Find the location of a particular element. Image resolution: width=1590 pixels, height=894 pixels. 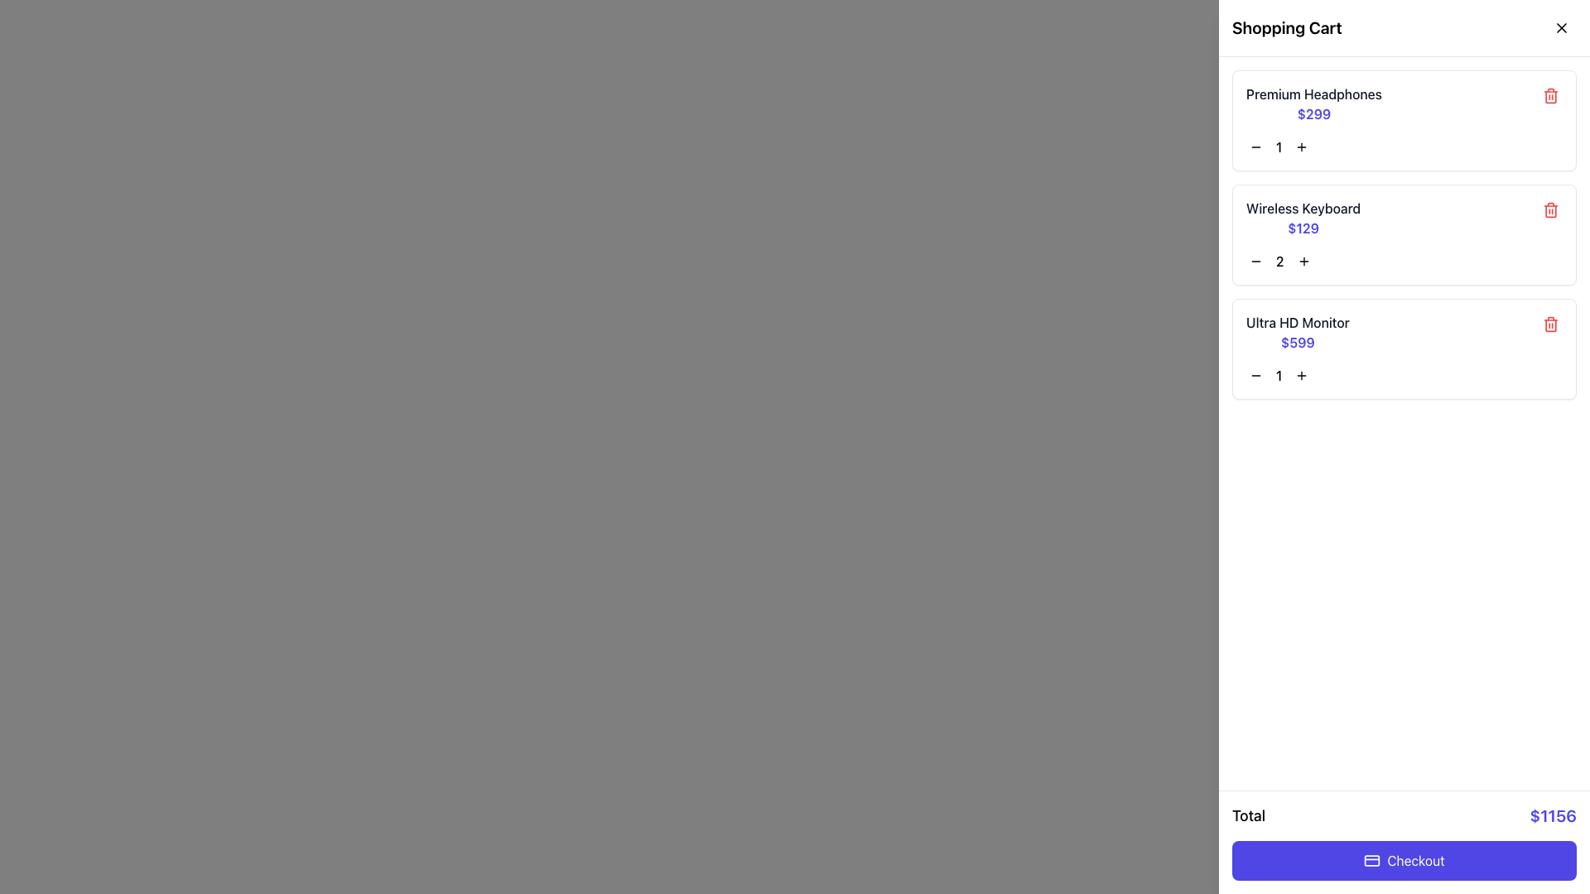

the red trash bin icon button, which indicates a delete or remove functionality is located at coordinates (1549, 324).